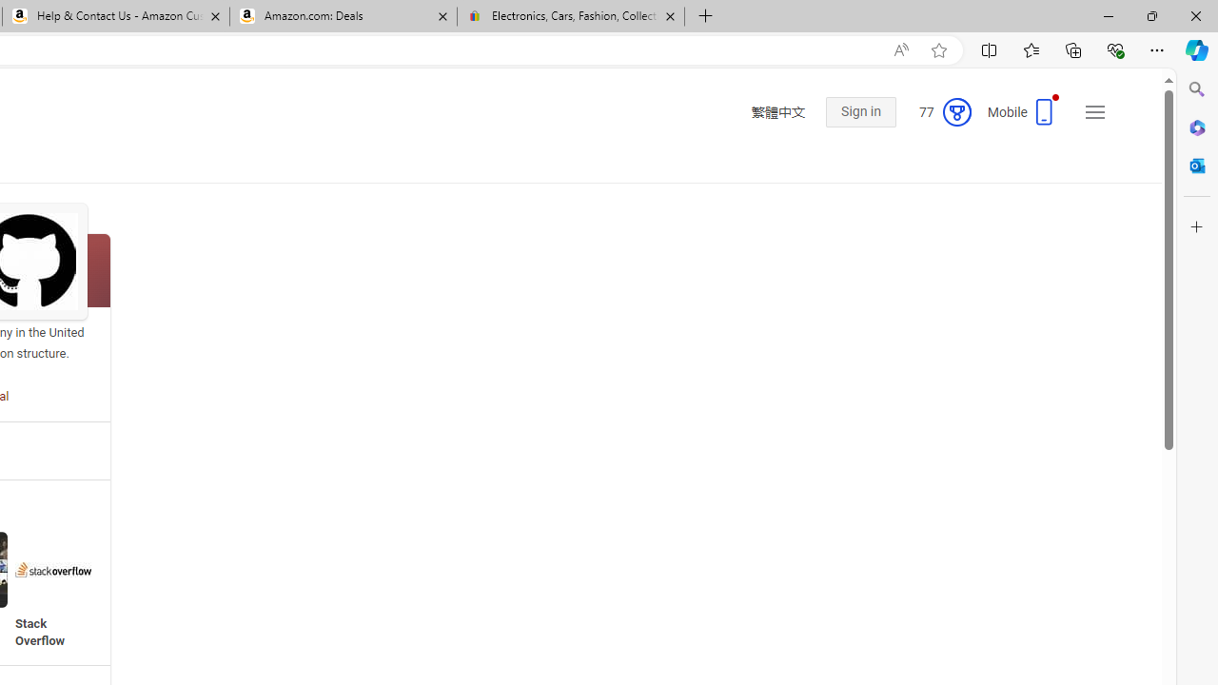 This screenshot has height=685, width=1218. Describe the element at coordinates (1022, 118) in the screenshot. I see `'Mobile'` at that location.